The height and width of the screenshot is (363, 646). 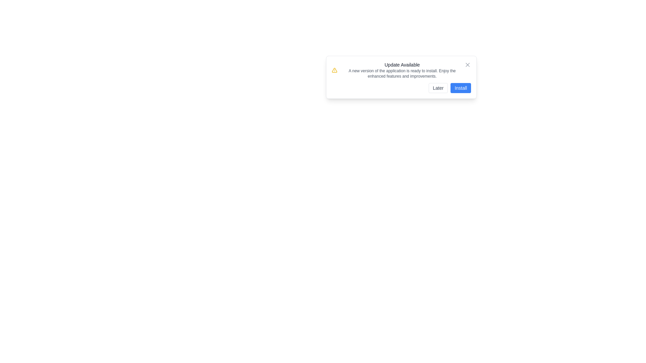 I want to click on message in the notification header titled 'Update Available', which includes a warning icon and a 'Close' icon to the right, so click(x=401, y=70).